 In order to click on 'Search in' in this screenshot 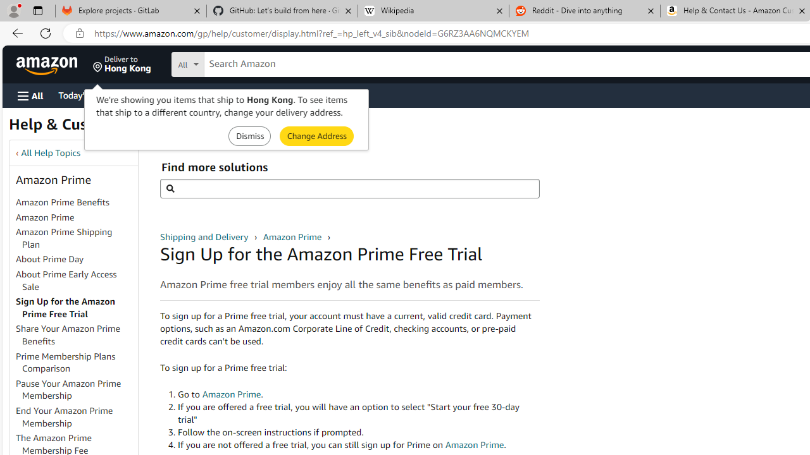, I will do `click(235, 64)`.